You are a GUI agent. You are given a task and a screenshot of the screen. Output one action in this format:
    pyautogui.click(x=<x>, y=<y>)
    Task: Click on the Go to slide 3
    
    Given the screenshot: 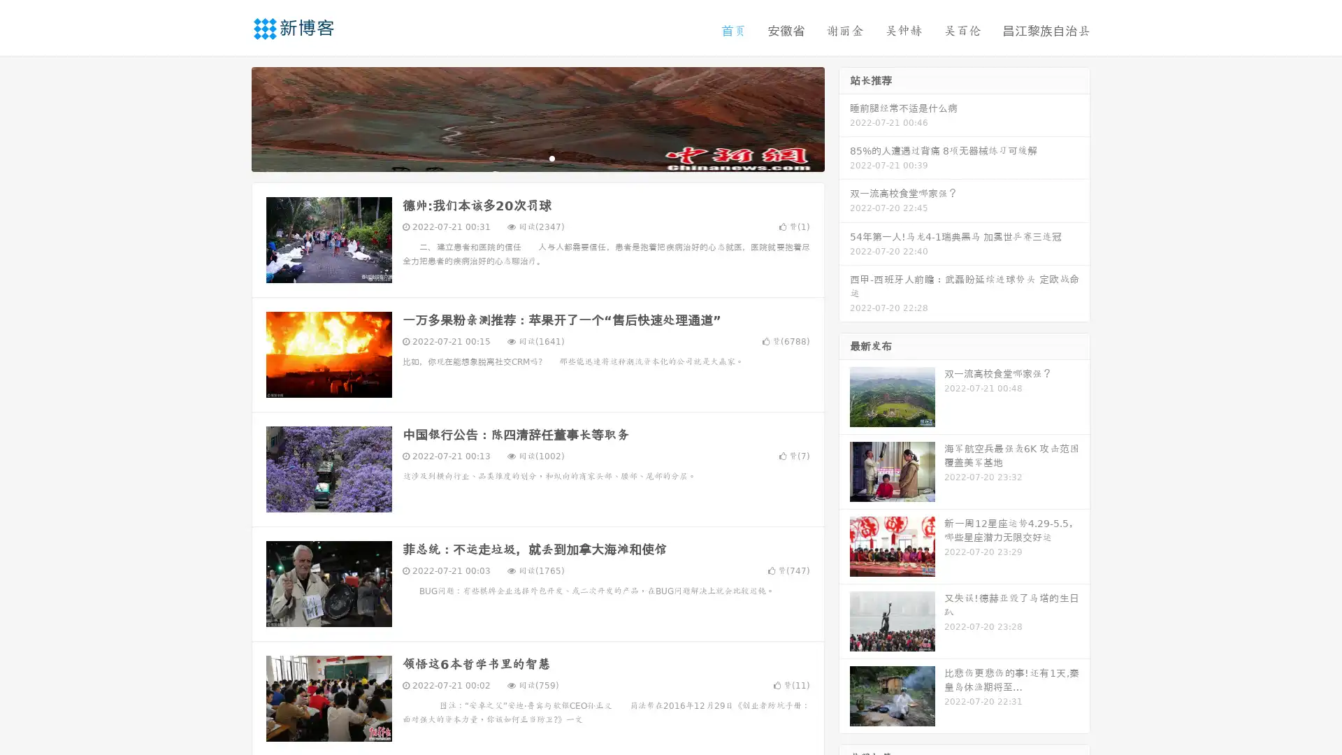 What is the action you would take?
    pyautogui.click(x=551, y=157)
    